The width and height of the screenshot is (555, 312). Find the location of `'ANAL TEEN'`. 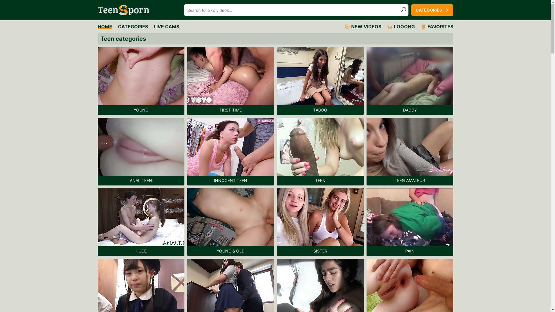

'ANAL TEEN' is located at coordinates (141, 151).